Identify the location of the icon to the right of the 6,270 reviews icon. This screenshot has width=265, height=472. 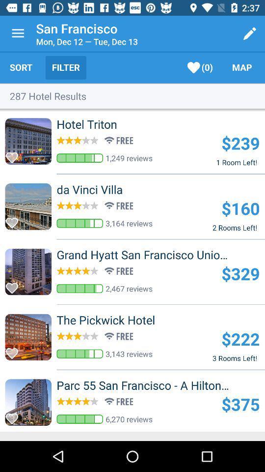
(240, 404).